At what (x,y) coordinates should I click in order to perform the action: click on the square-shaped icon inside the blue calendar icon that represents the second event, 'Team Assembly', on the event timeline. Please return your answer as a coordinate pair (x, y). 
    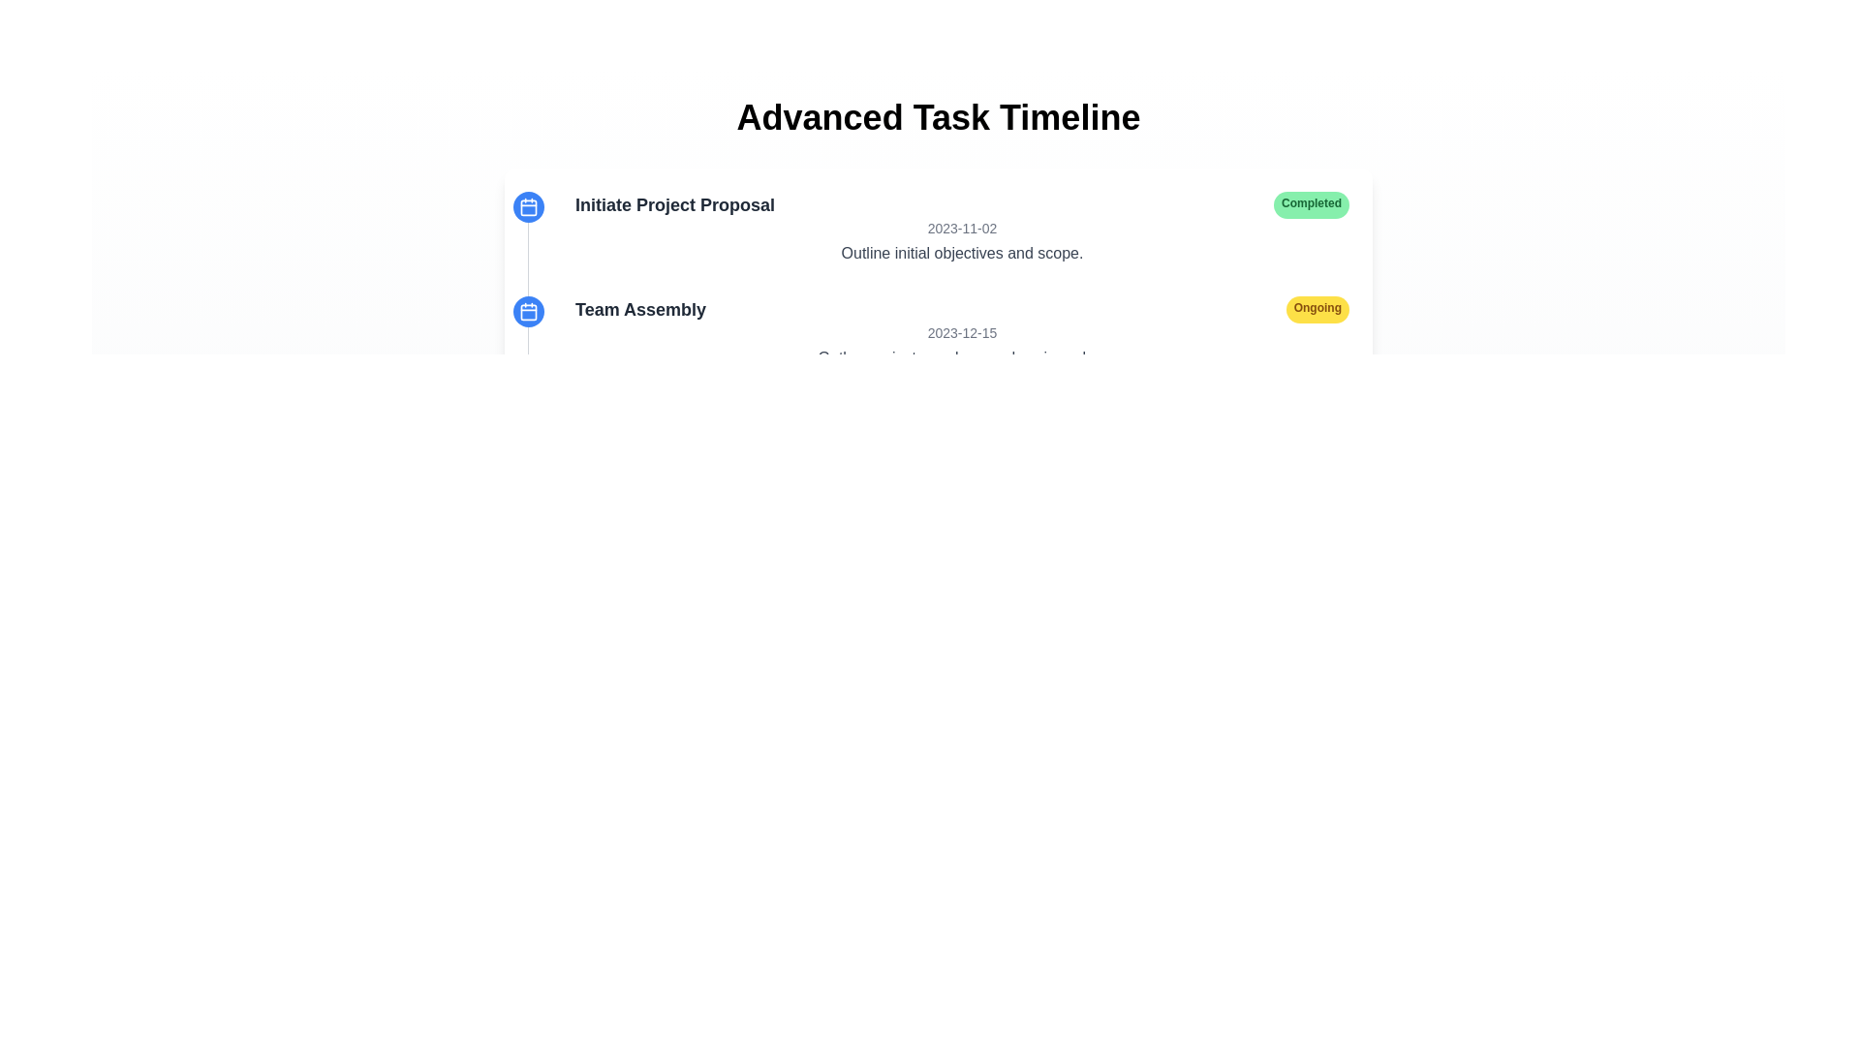
    Looking at the image, I should click on (529, 310).